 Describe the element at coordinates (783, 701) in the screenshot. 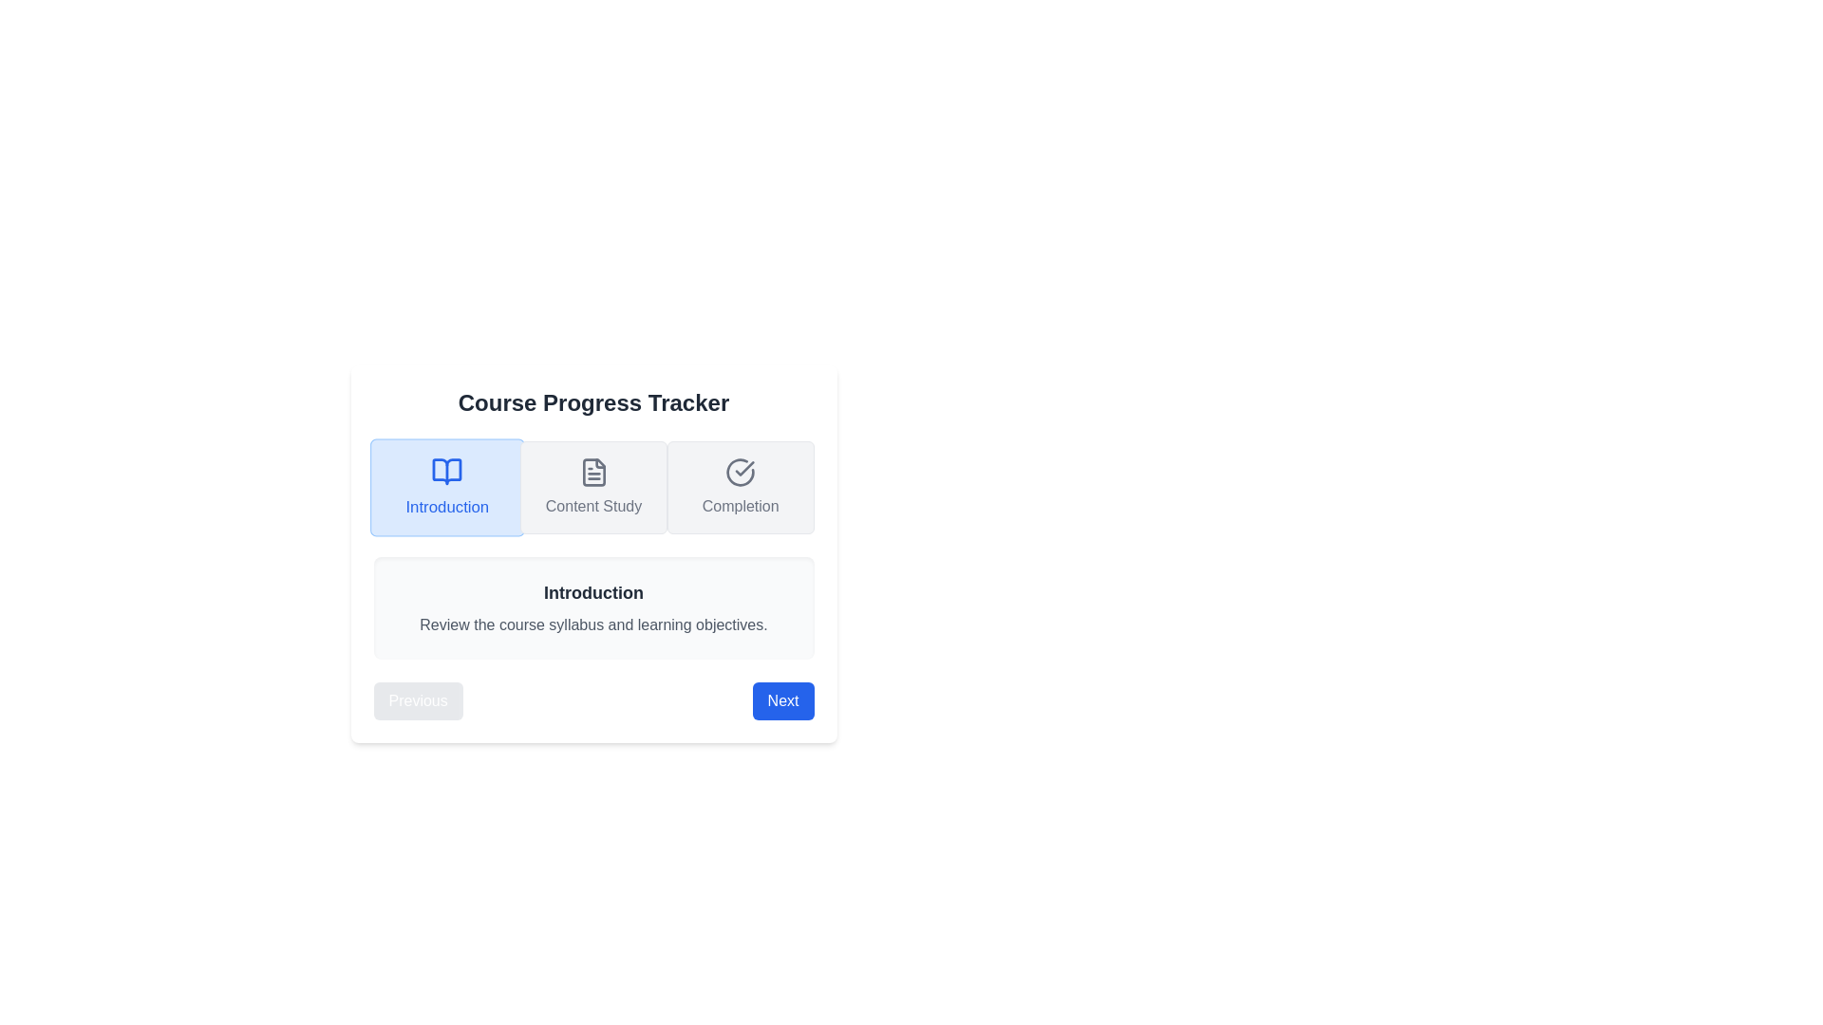

I see `the 'Next' button, which is a rectangular button with a blue background and white text` at that location.